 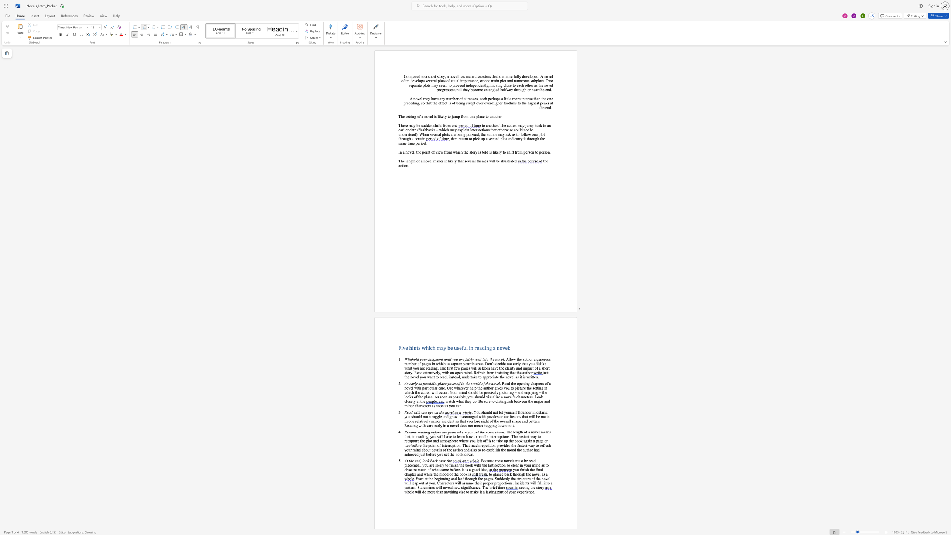 I want to click on the 1th character "i" in the text, so click(x=429, y=474).